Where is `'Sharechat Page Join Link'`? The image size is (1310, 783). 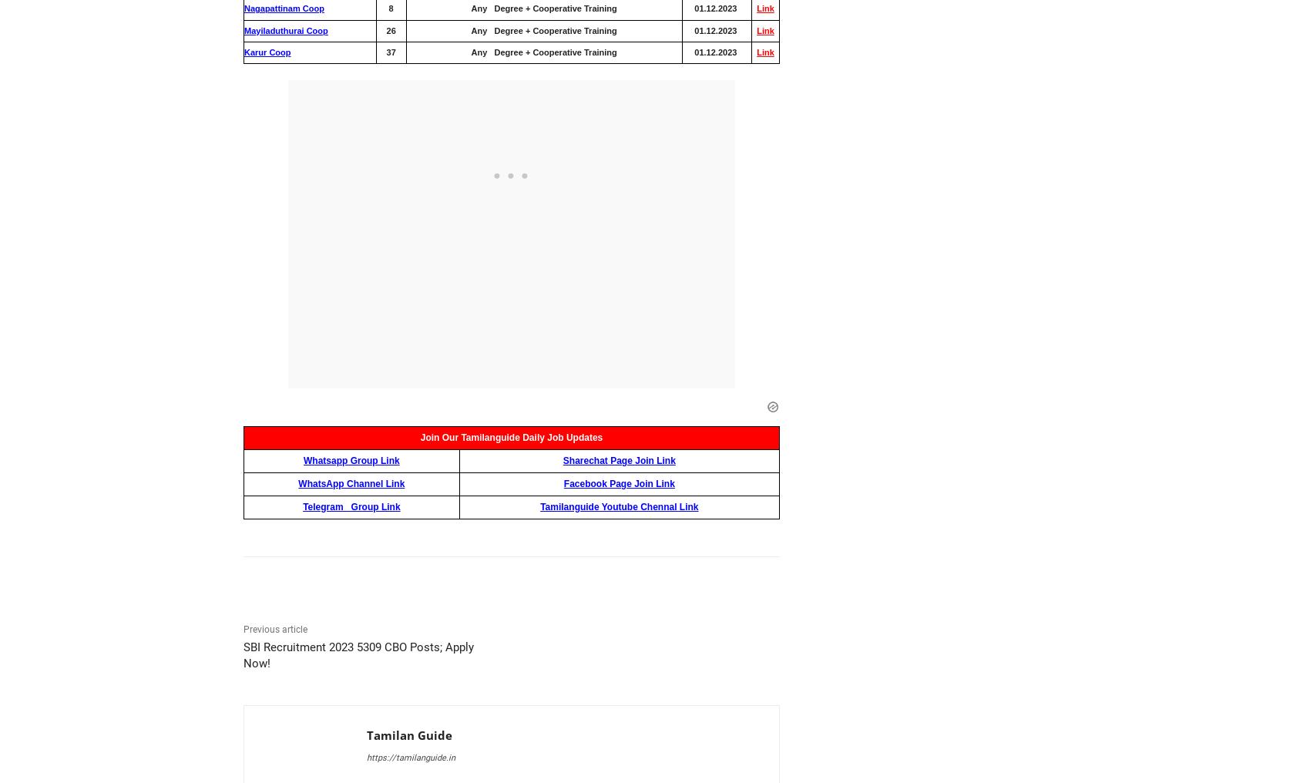 'Sharechat Page Join Link' is located at coordinates (618, 460).